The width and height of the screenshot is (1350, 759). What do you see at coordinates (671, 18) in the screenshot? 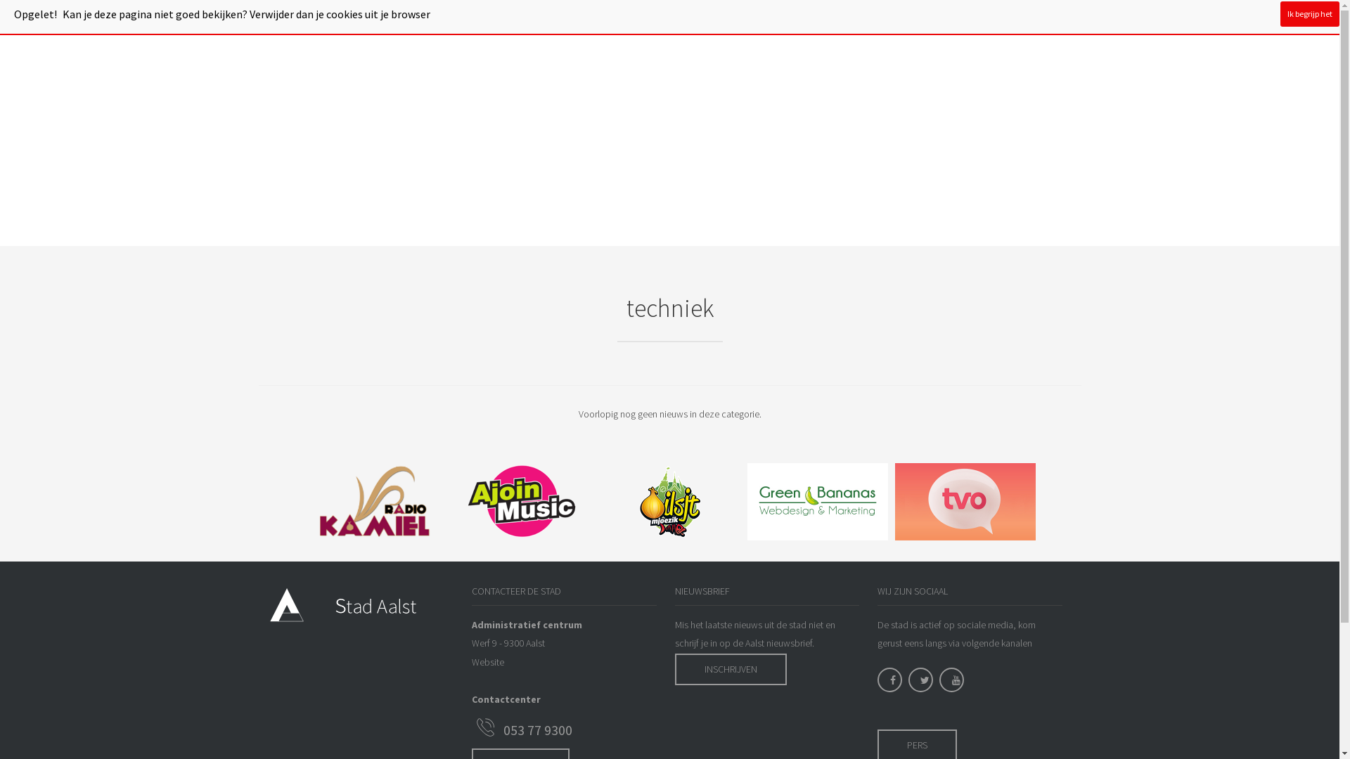
I see `'PRAKTISCH'` at bounding box center [671, 18].